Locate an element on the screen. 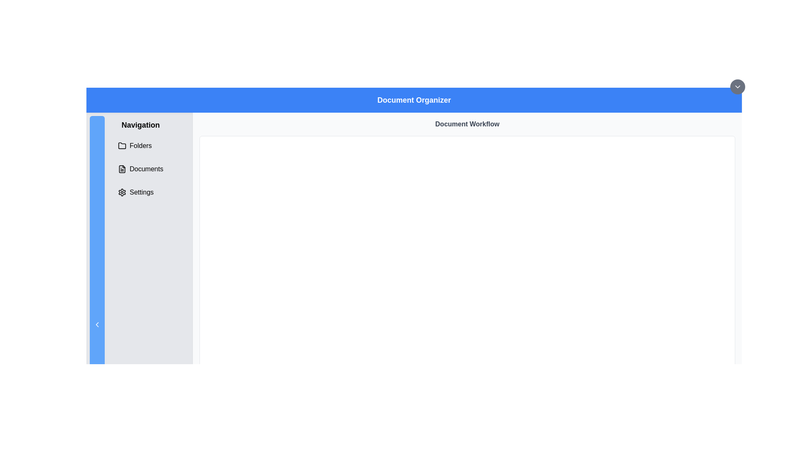  the settings icon located is located at coordinates (121, 192).